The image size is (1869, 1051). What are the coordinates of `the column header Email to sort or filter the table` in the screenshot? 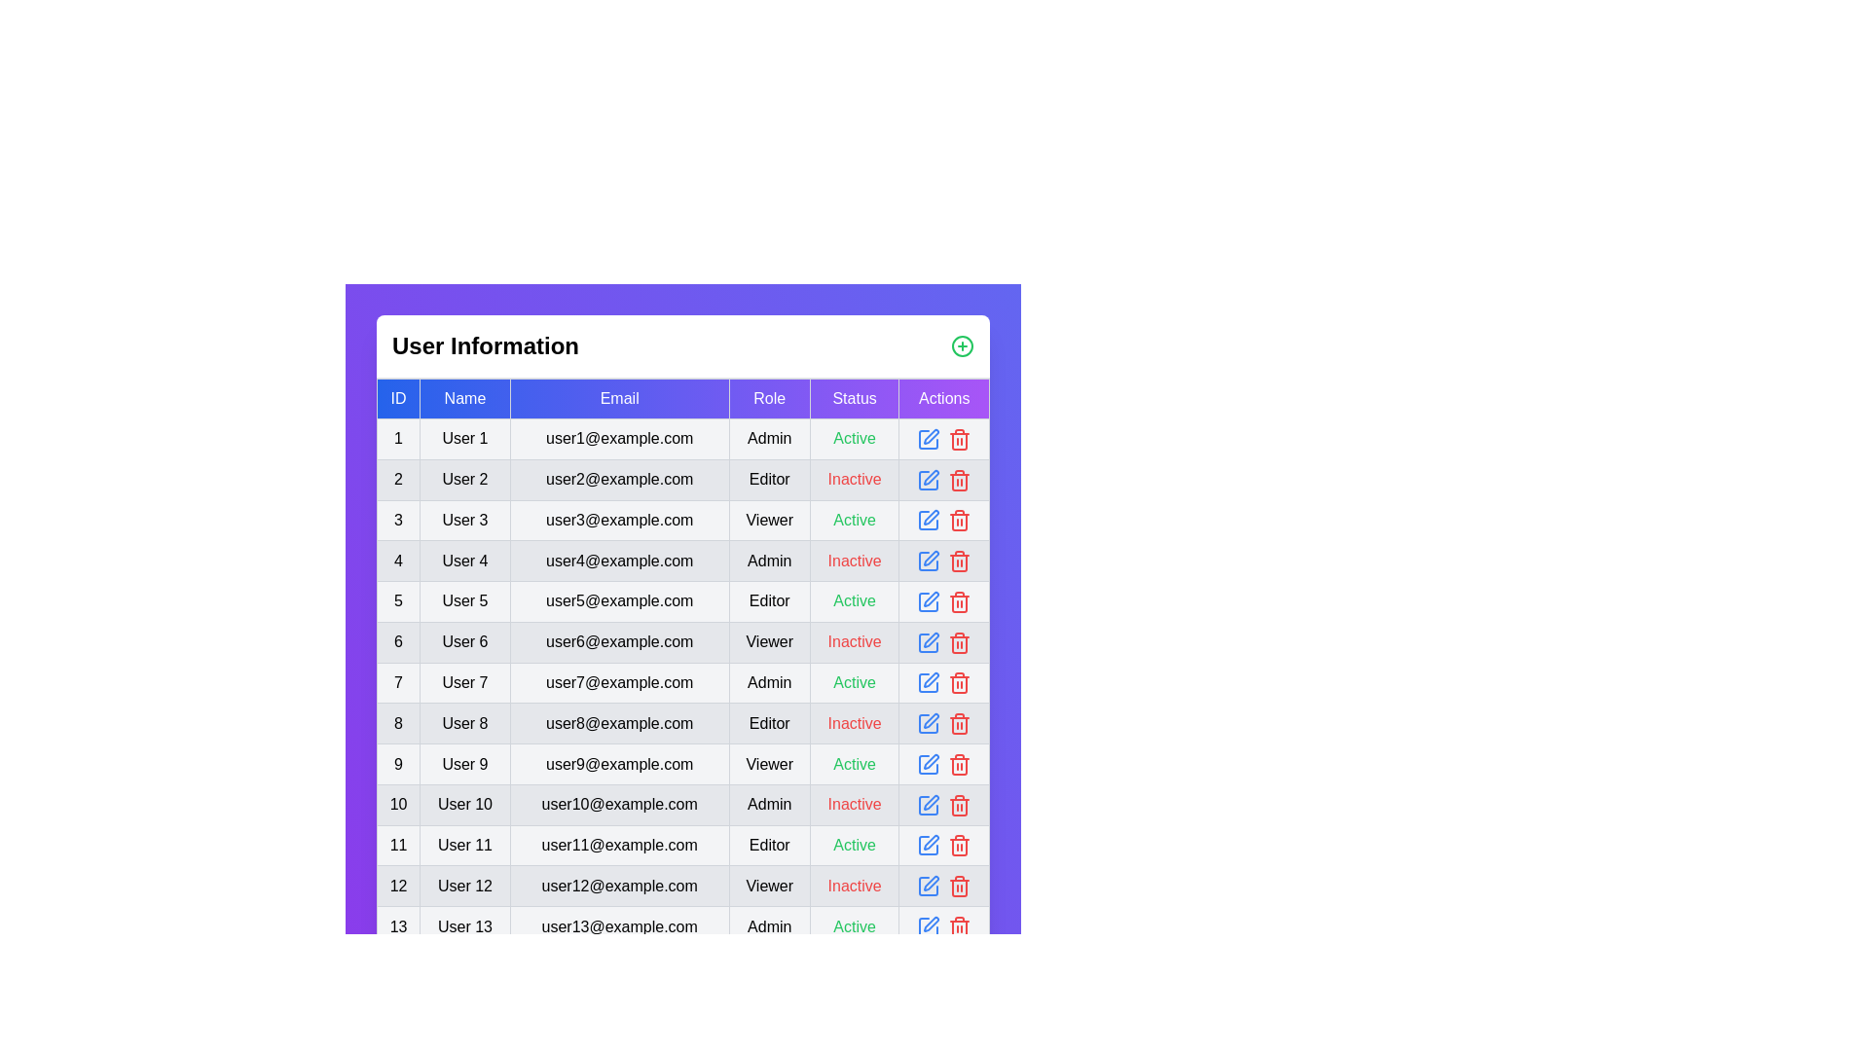 It's located at (618, 397).